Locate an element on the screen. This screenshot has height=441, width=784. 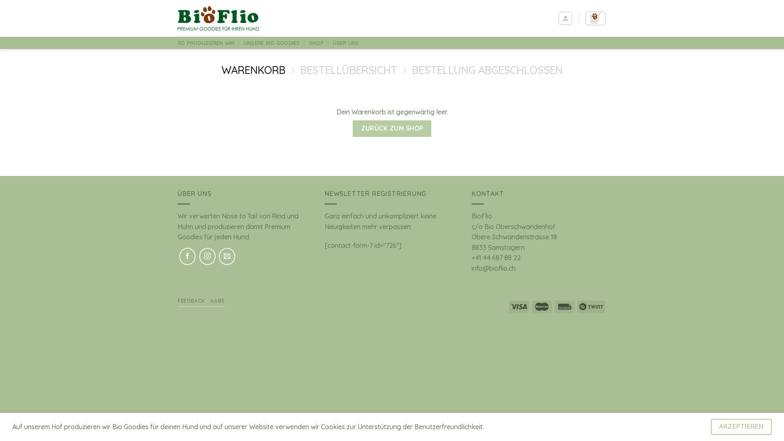
'Auf Instagram folgen' is located at coordinates (207, 256).